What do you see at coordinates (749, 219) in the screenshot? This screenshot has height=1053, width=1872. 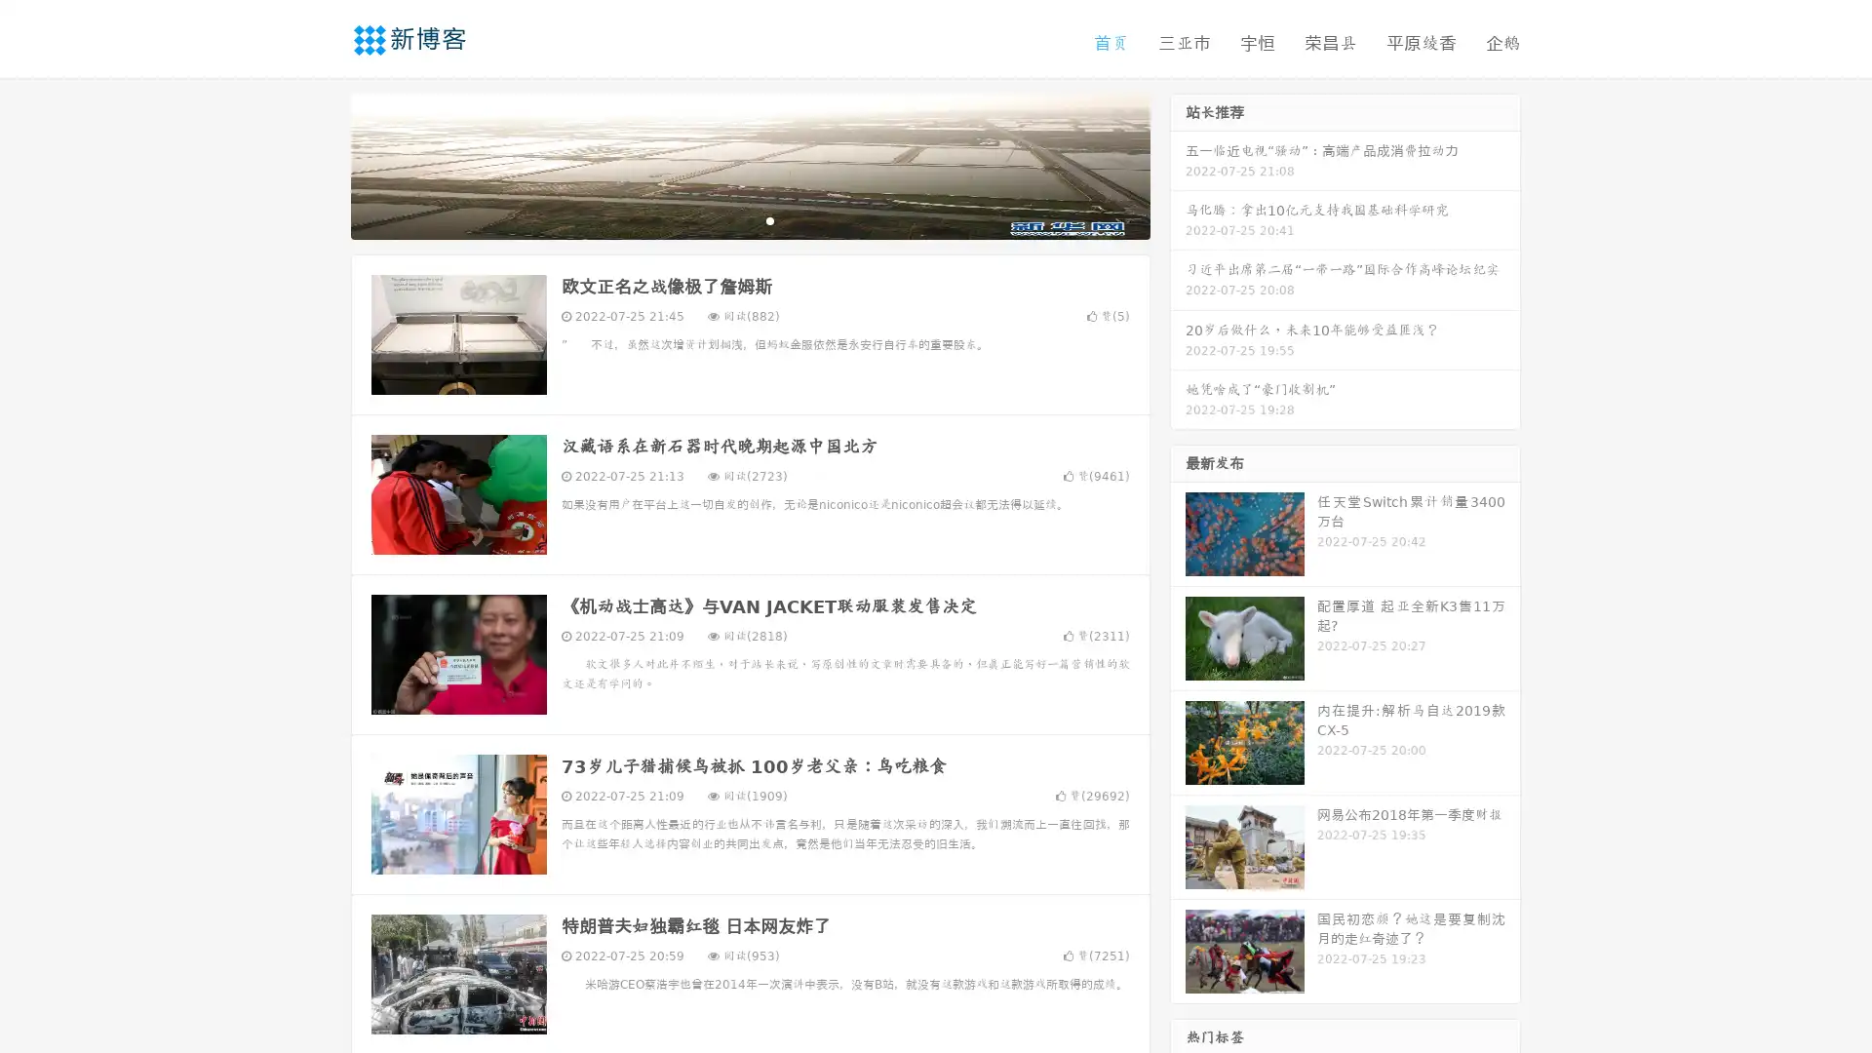 I see `Go to slide 2` at bounding box center [749, 219].